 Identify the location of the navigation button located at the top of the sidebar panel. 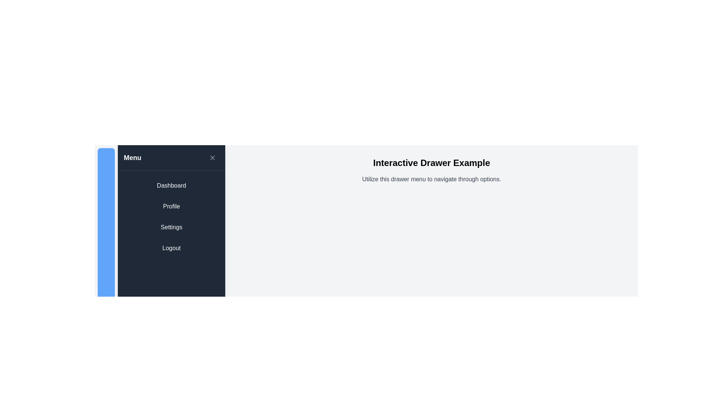
(171, 185).